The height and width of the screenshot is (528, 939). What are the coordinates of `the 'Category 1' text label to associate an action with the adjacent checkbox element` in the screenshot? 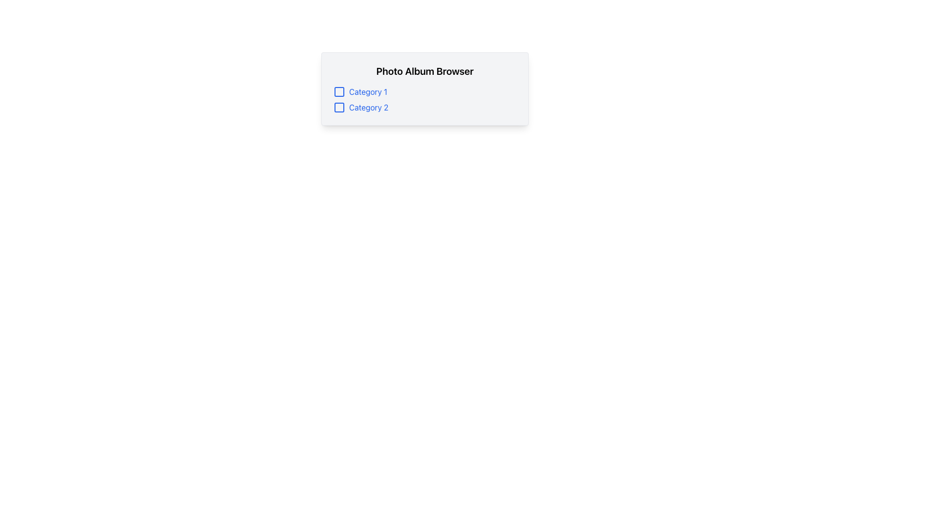 It's located at (368, 92).